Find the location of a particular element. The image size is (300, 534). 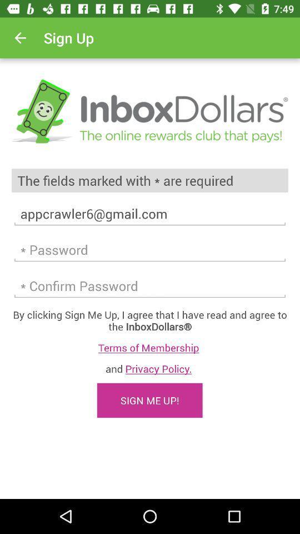

icon below the by clicking sign item is located at coordinates (150, 347).